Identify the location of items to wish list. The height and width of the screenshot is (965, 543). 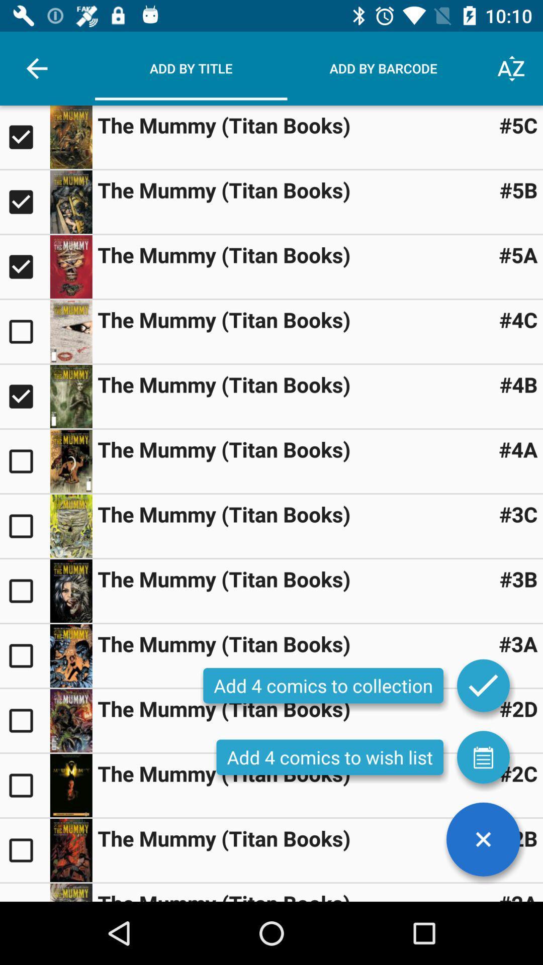
(483, 757).